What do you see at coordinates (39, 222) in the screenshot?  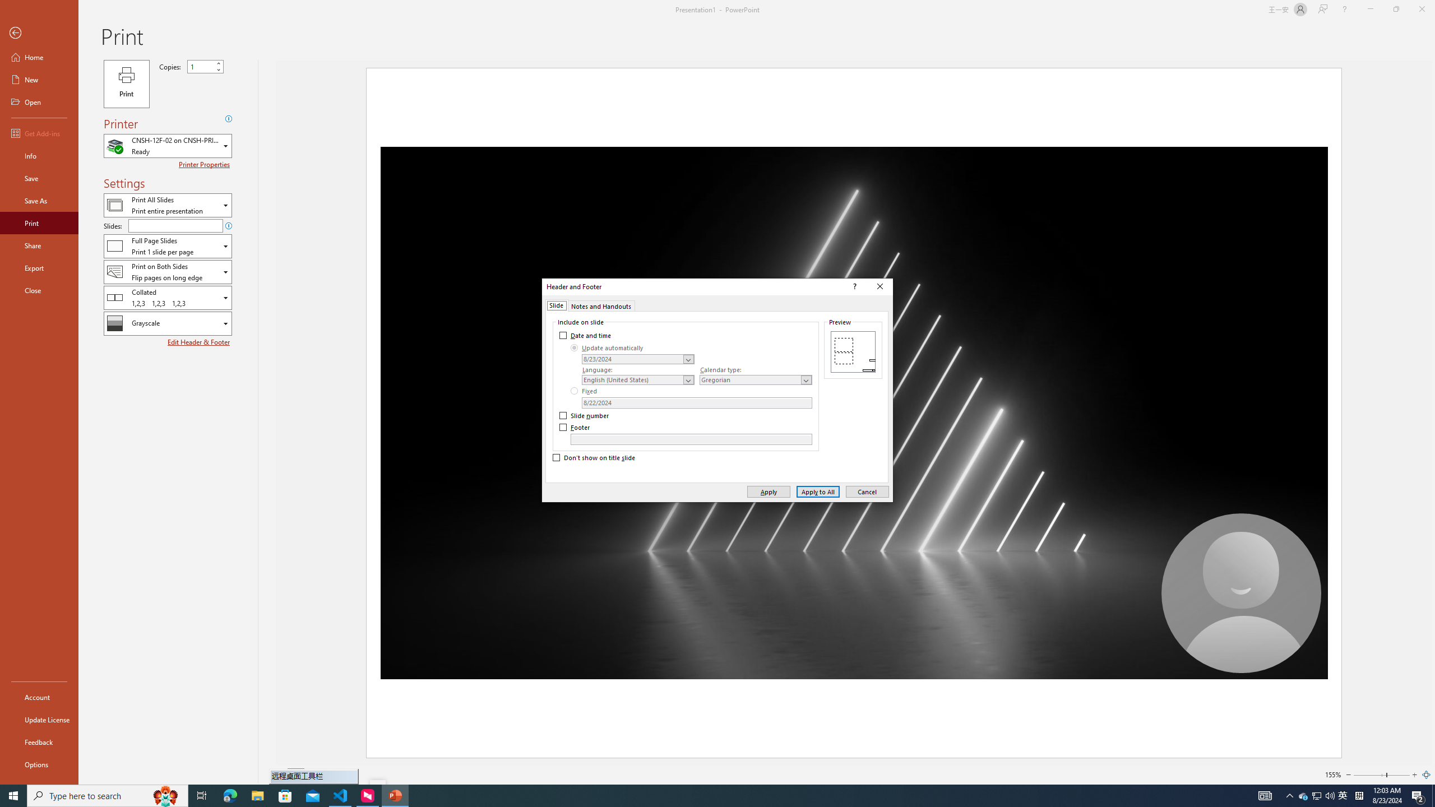 I see `'Print'` at bounding box center [39, 222].